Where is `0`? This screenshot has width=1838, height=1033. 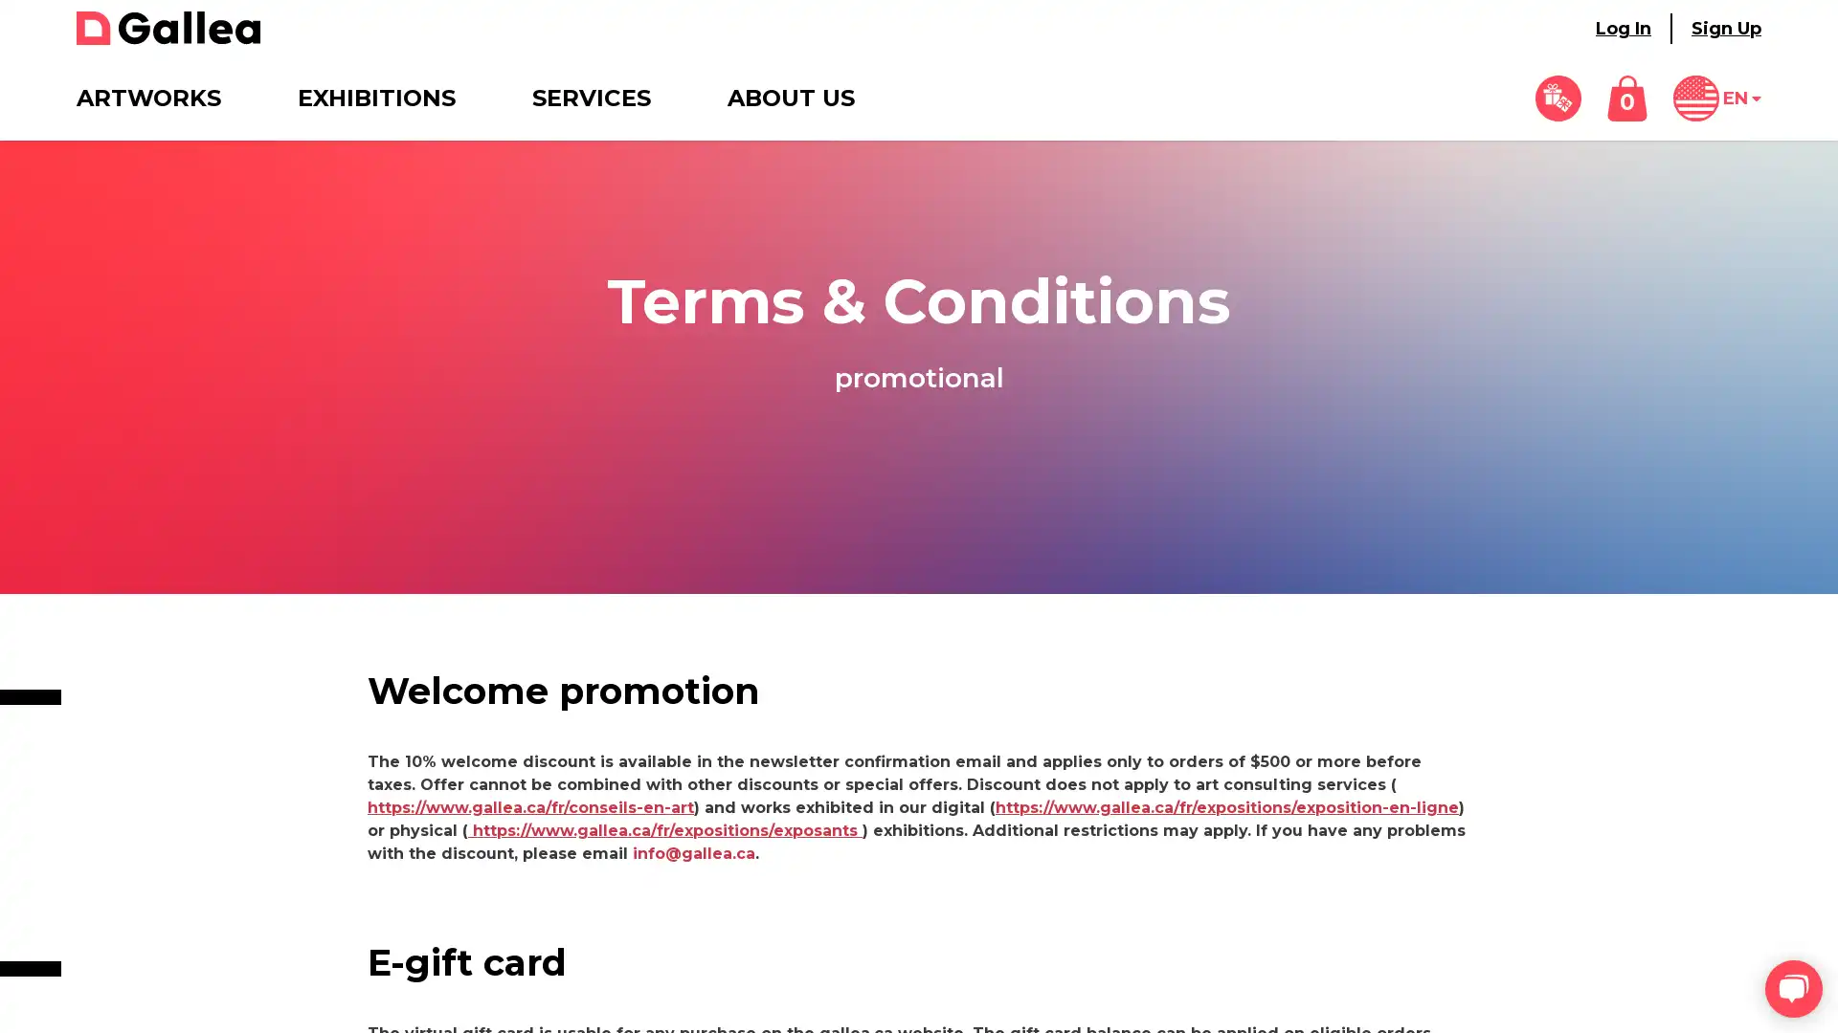
0 is located at coordinates (1625, 99).